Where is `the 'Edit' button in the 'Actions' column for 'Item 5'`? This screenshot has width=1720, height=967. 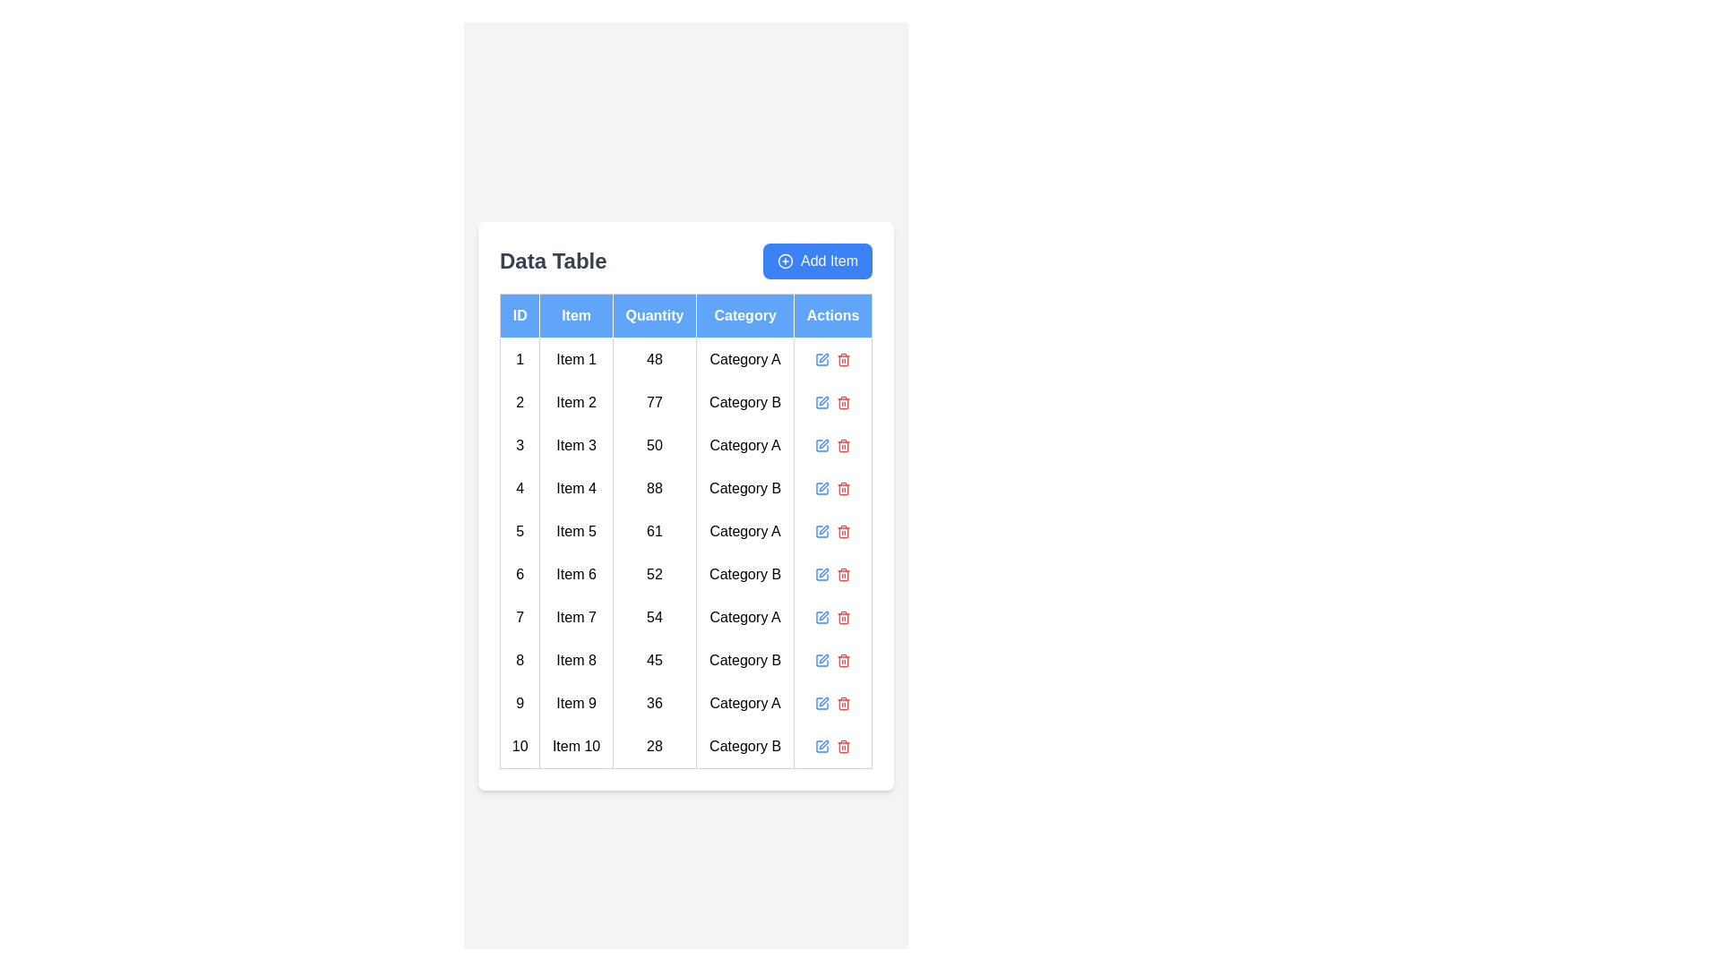 the 'Edit' button in the 'Actions' column for 'Item 5' is located at coordinates (821, 530).